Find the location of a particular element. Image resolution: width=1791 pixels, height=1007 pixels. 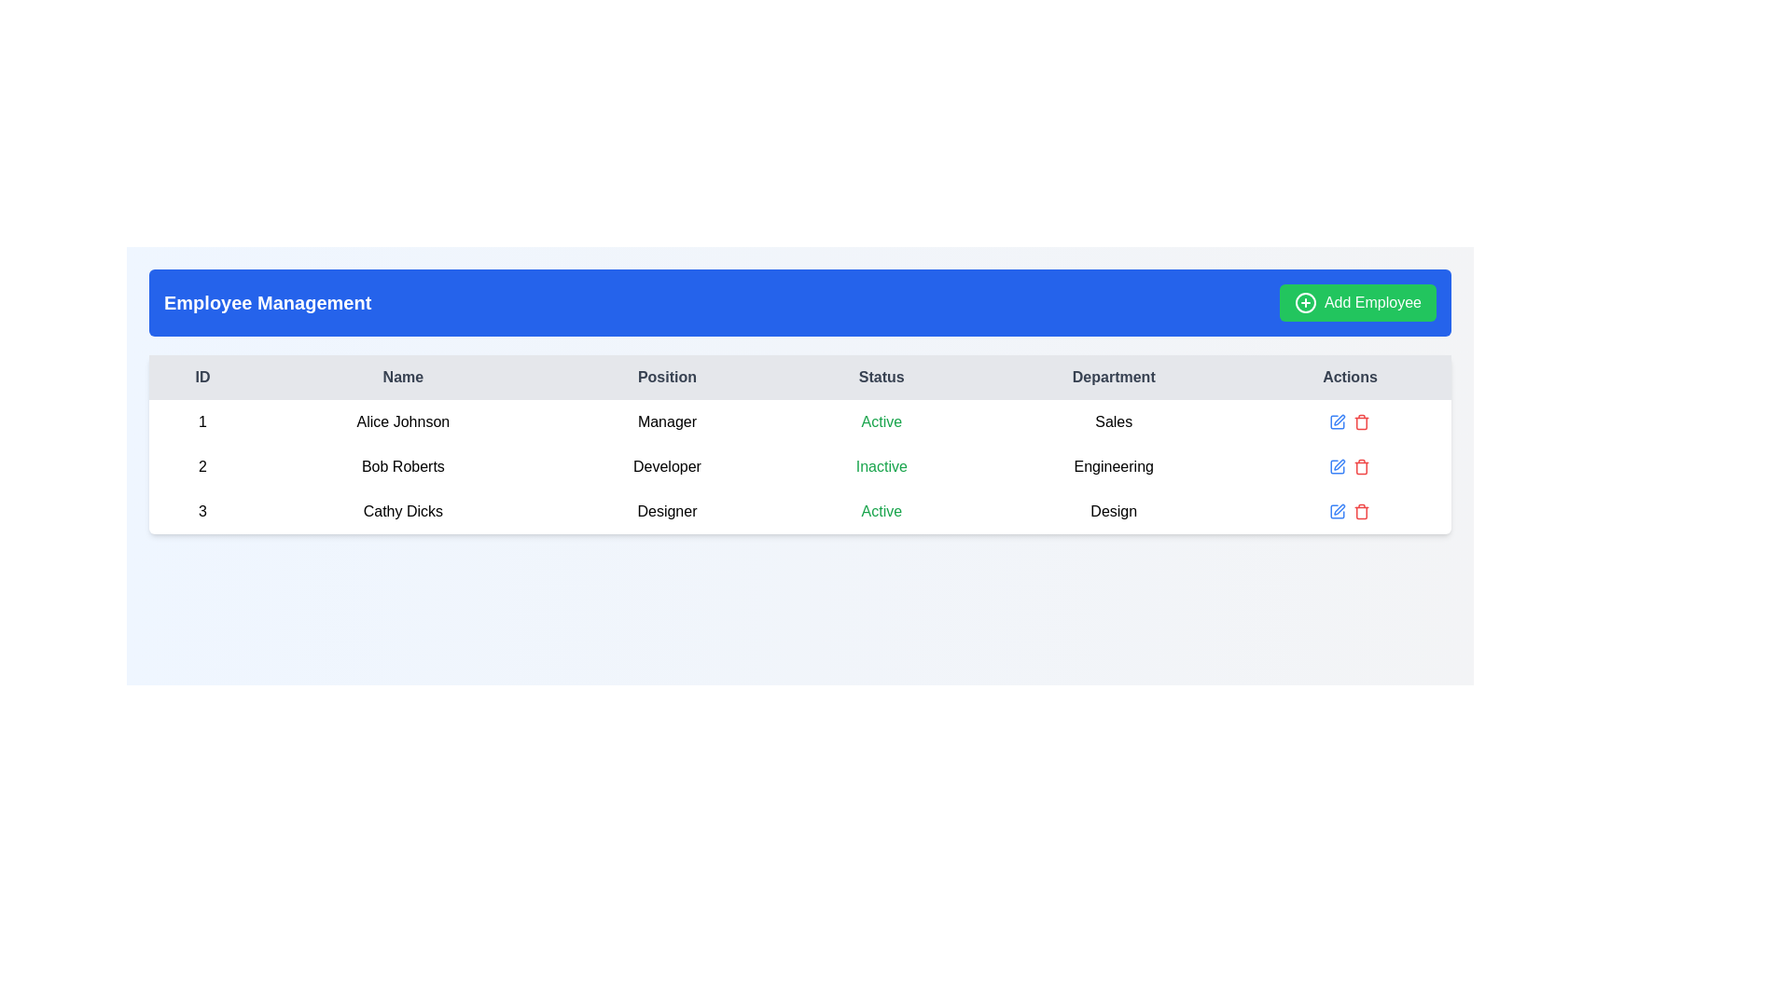

the text label indicating the department for the entry with ID '3' and Name 'Cathy Dicks' in the 'Department' column of the table is located at coordinates (1114, 511).